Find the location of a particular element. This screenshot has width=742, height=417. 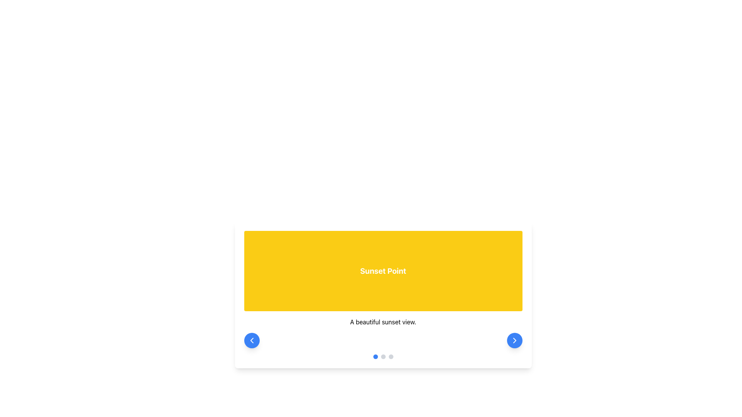

the circular blue button with a white left-facing chevron icon is located at coordinates (252, 340).